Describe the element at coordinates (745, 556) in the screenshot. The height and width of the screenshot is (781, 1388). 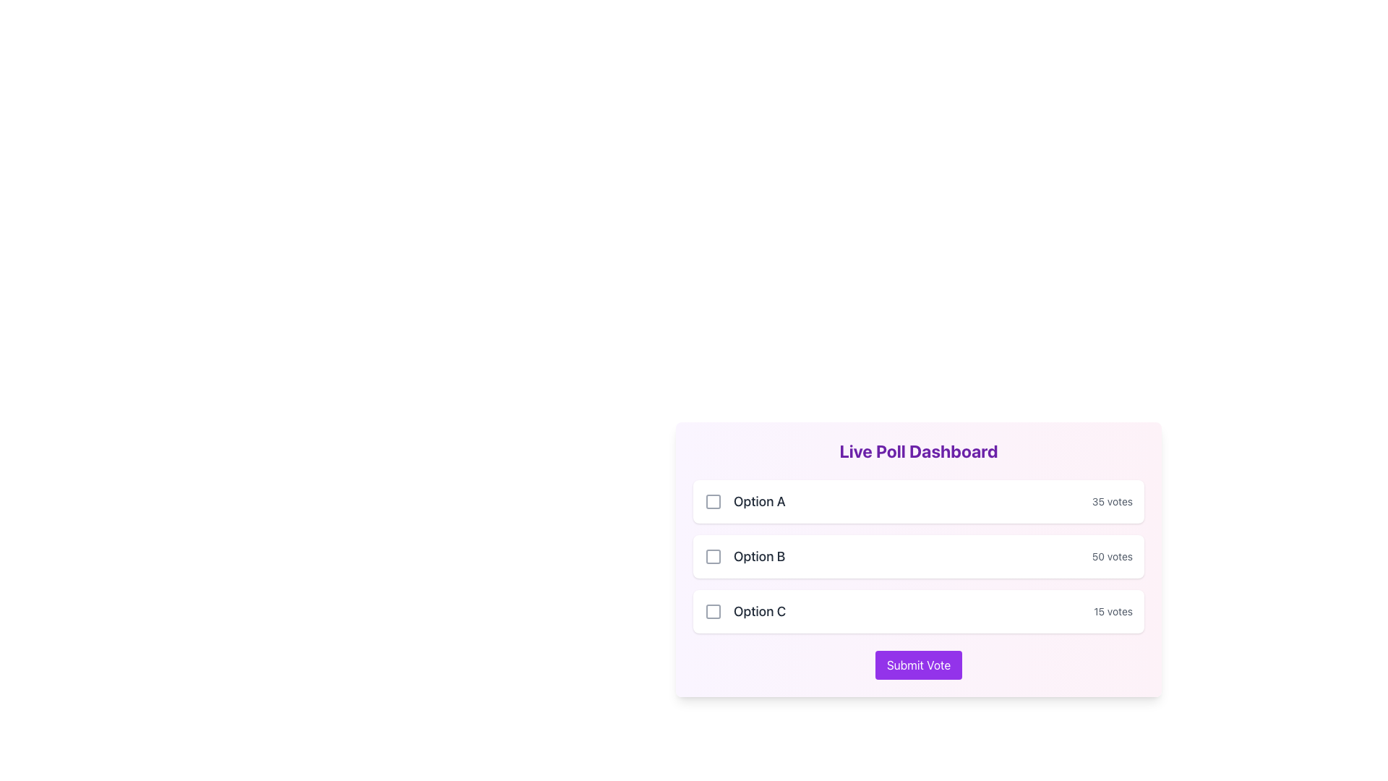
I see `the text label displaying 'Option B'` at that location.